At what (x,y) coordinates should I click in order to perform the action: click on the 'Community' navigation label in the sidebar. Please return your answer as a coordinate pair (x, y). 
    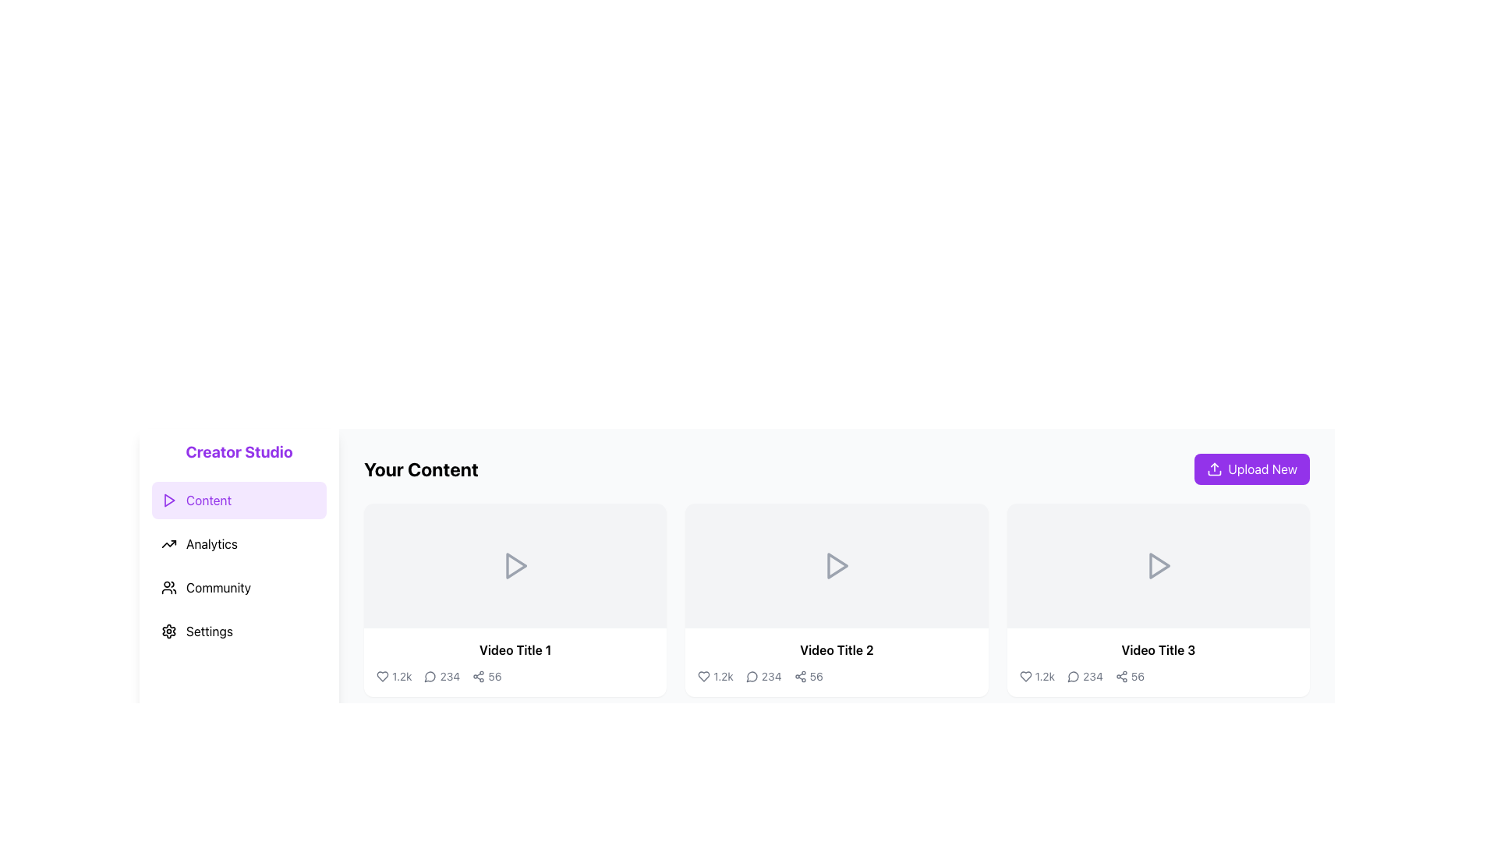
    Looking at the image, I should click on (218, 587).